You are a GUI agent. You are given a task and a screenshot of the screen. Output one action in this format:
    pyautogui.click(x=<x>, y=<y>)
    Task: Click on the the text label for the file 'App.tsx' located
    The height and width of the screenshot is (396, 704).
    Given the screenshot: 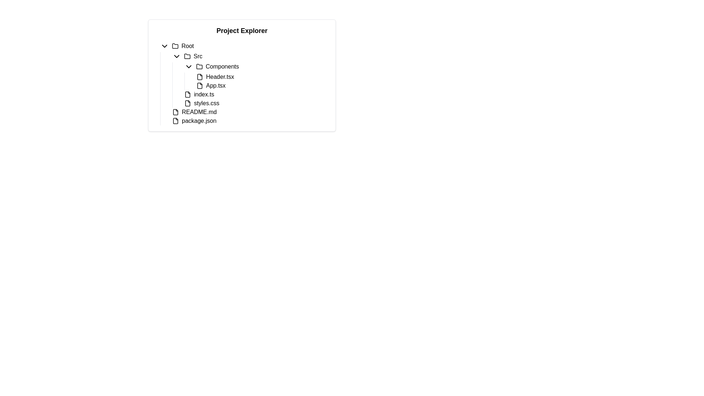 What is the action you would take?
    pyautogui.click(x=215, y=85)
    